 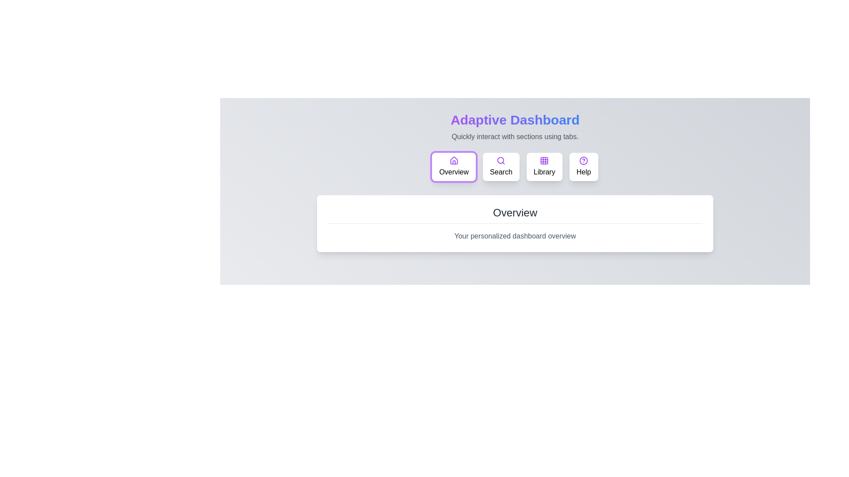 What do you see at coordinates (543, 167) in the screenshot?
I see `the button labeled Library` at bounding box center [543, 167].